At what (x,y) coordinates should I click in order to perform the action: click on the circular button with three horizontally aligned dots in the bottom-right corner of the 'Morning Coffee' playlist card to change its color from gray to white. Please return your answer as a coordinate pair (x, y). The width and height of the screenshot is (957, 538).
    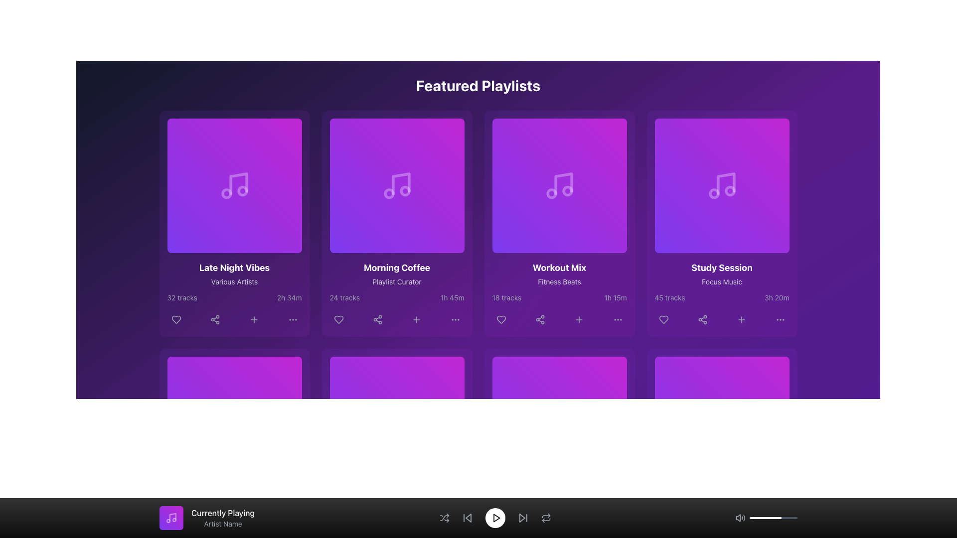
    Looking at the image, I should click on (455, 319).